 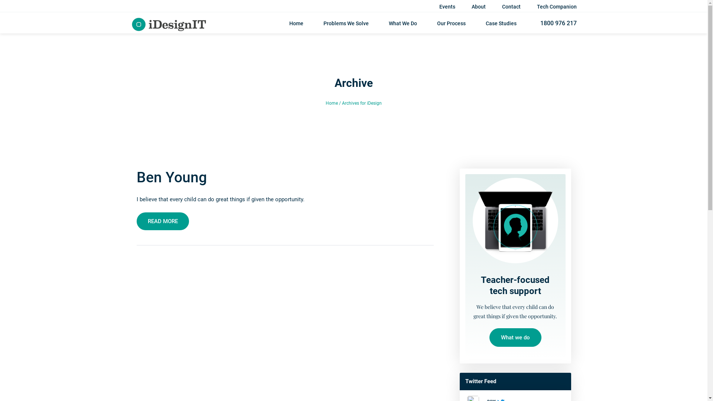 I want to click on 'Contact', so click(x=502, y=7).